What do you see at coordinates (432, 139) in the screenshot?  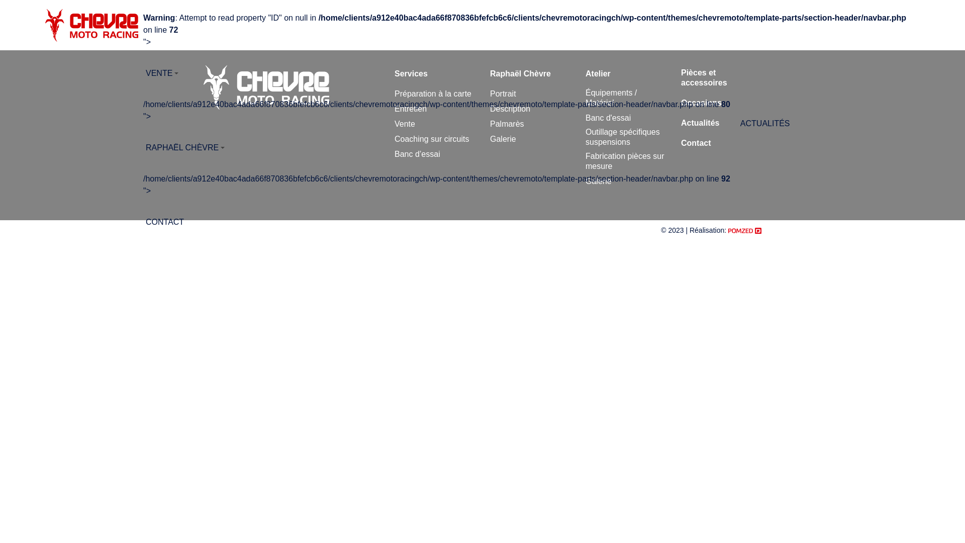 I see `'Coaching sur circuits'` at bounding box center [432, 139].